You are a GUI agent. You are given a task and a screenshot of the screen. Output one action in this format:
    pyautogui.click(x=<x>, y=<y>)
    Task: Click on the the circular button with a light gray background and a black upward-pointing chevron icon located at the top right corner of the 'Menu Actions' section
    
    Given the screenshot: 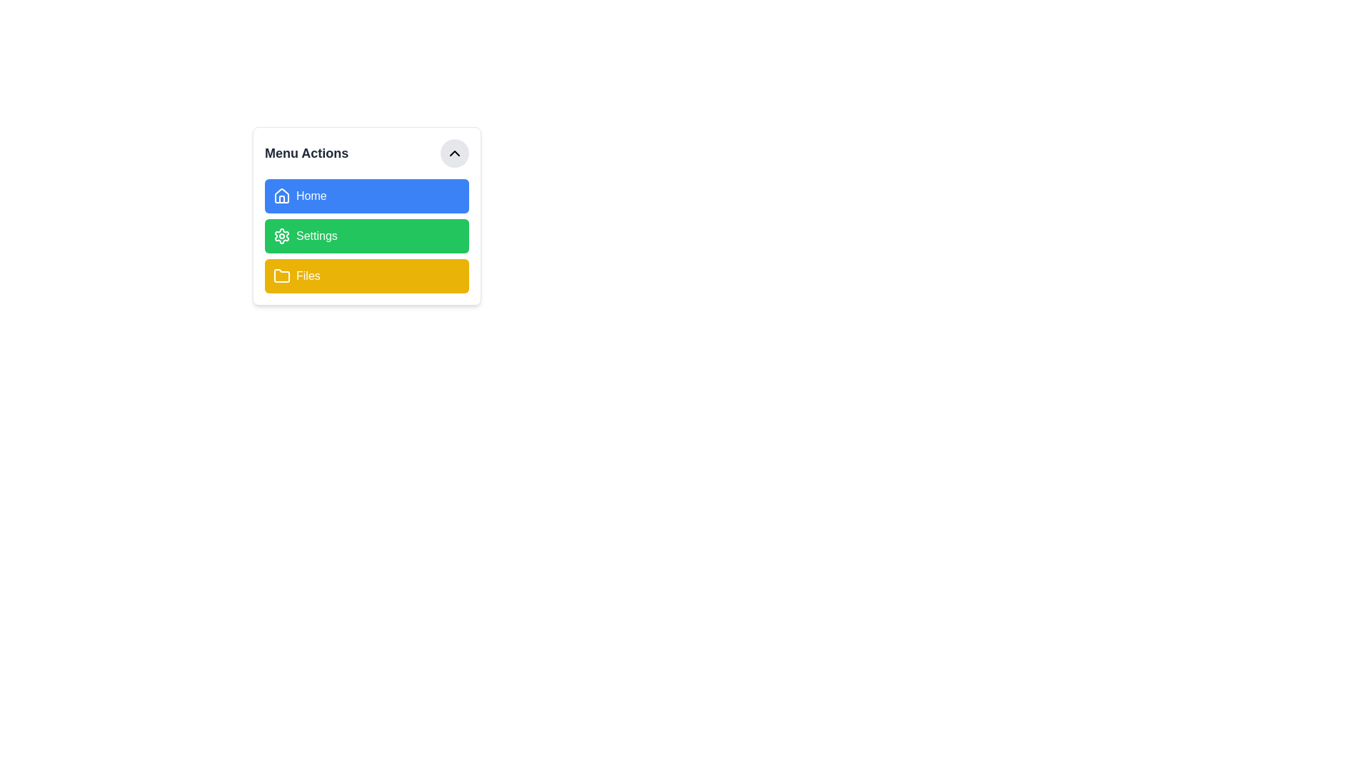 What is the action you would take?
    pyautogui.click(x=454, y=153)
    